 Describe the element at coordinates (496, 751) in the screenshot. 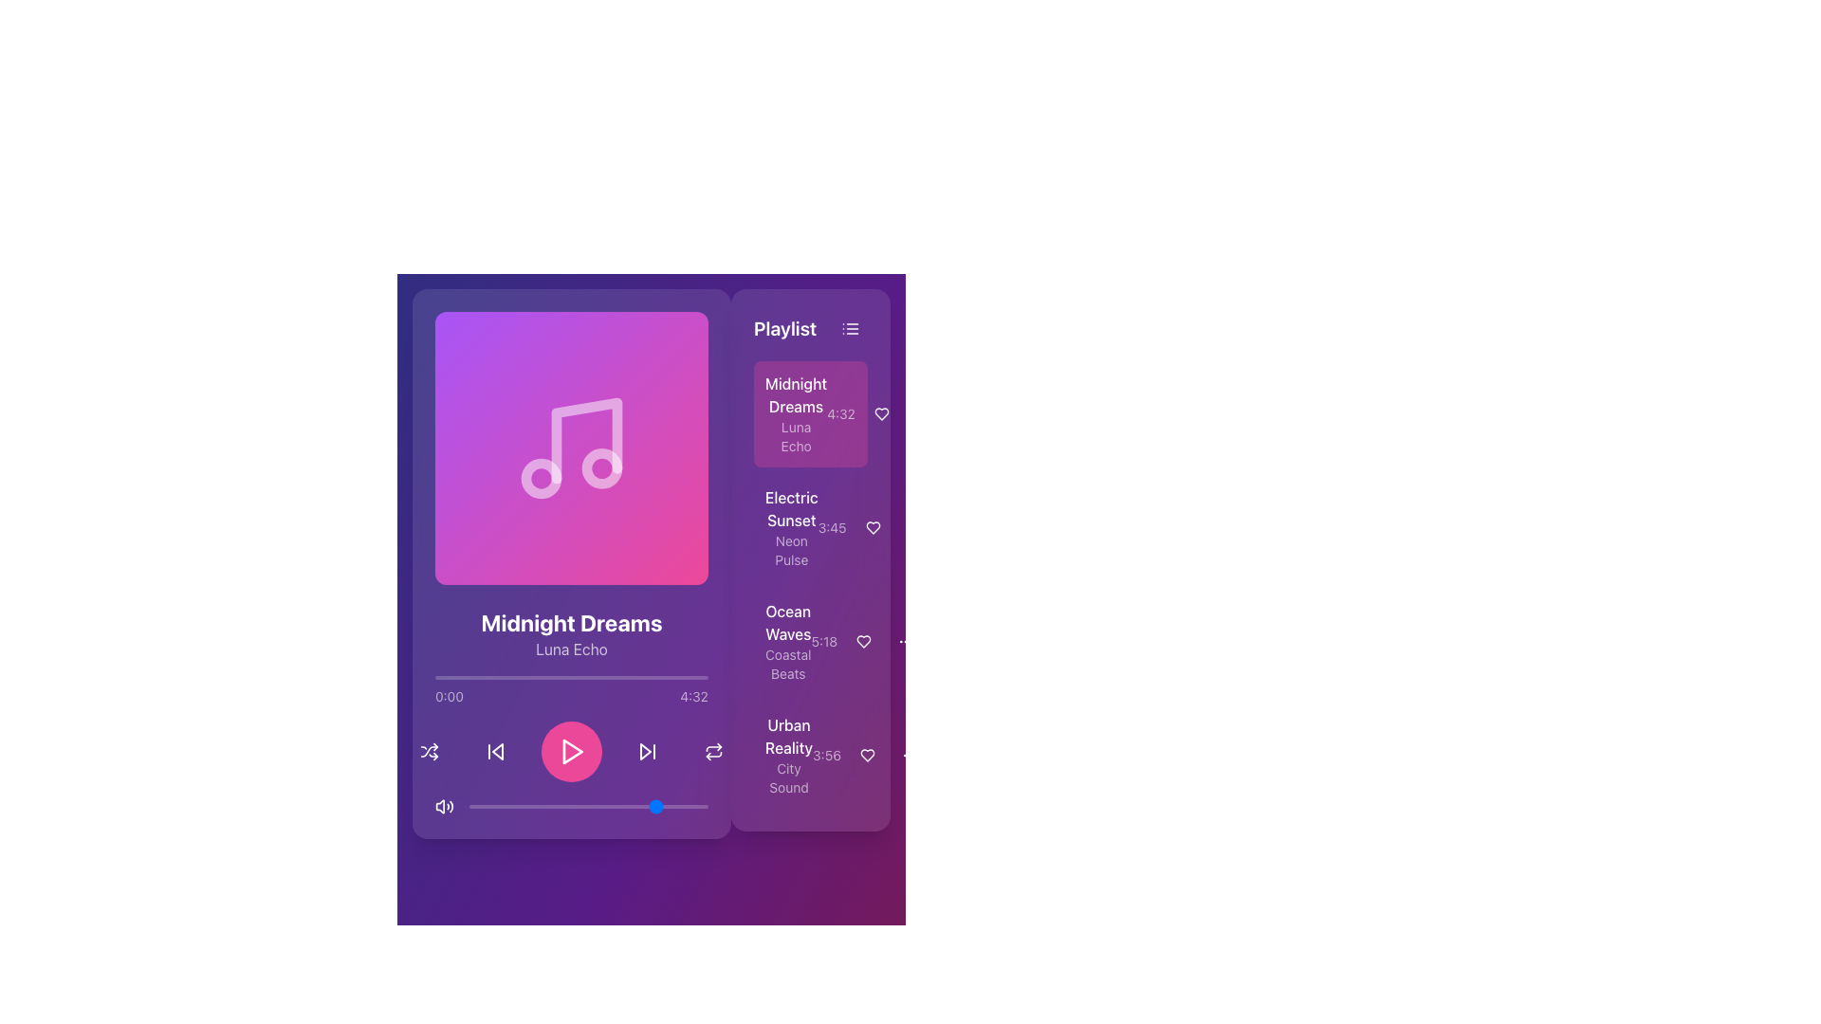

I see `the Icon button that allows users` at that location.